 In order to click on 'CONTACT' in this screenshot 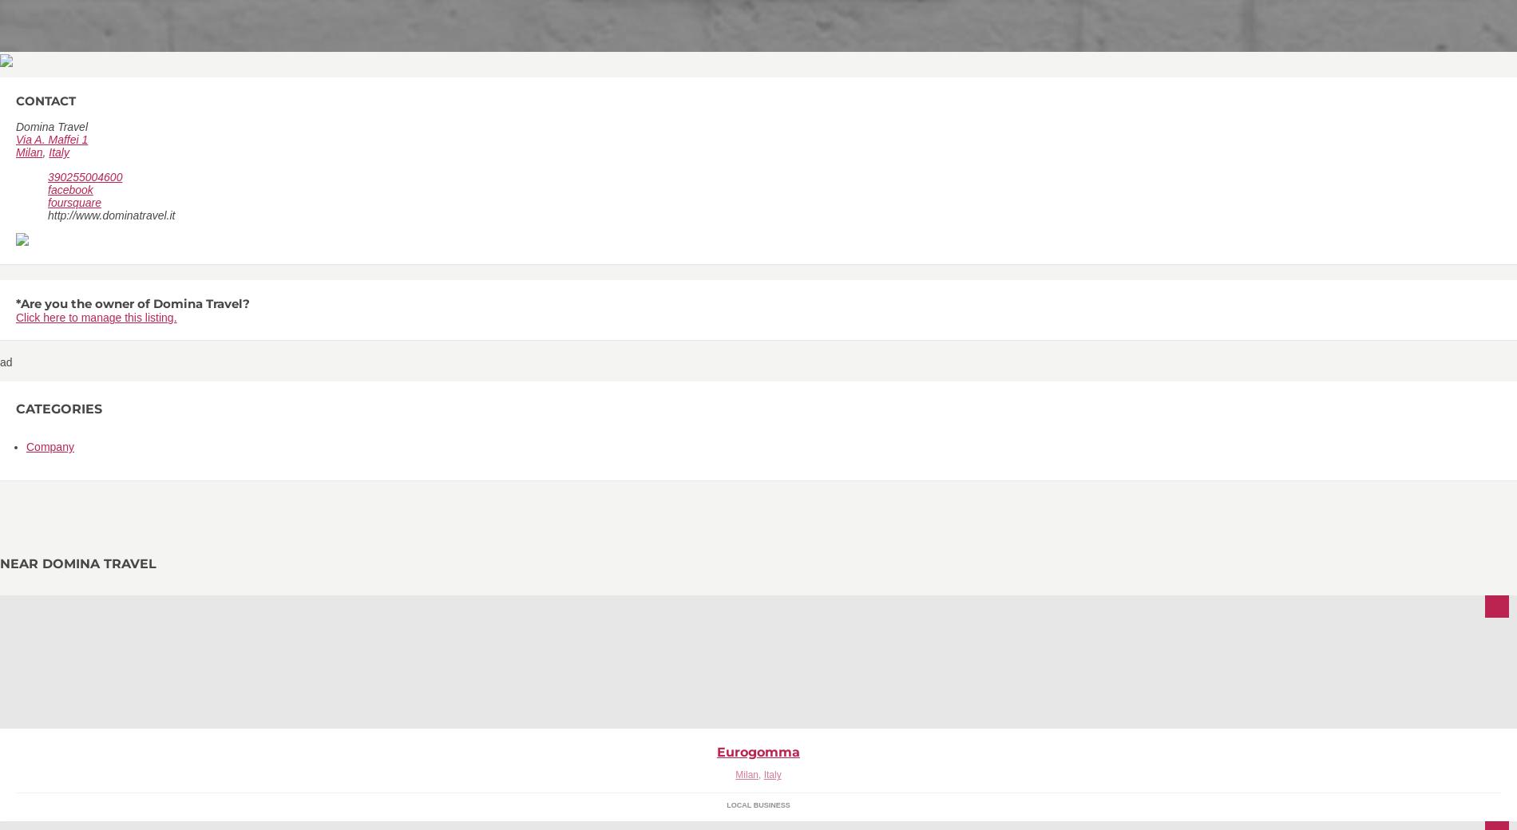, I will do `click(46, 100)`.